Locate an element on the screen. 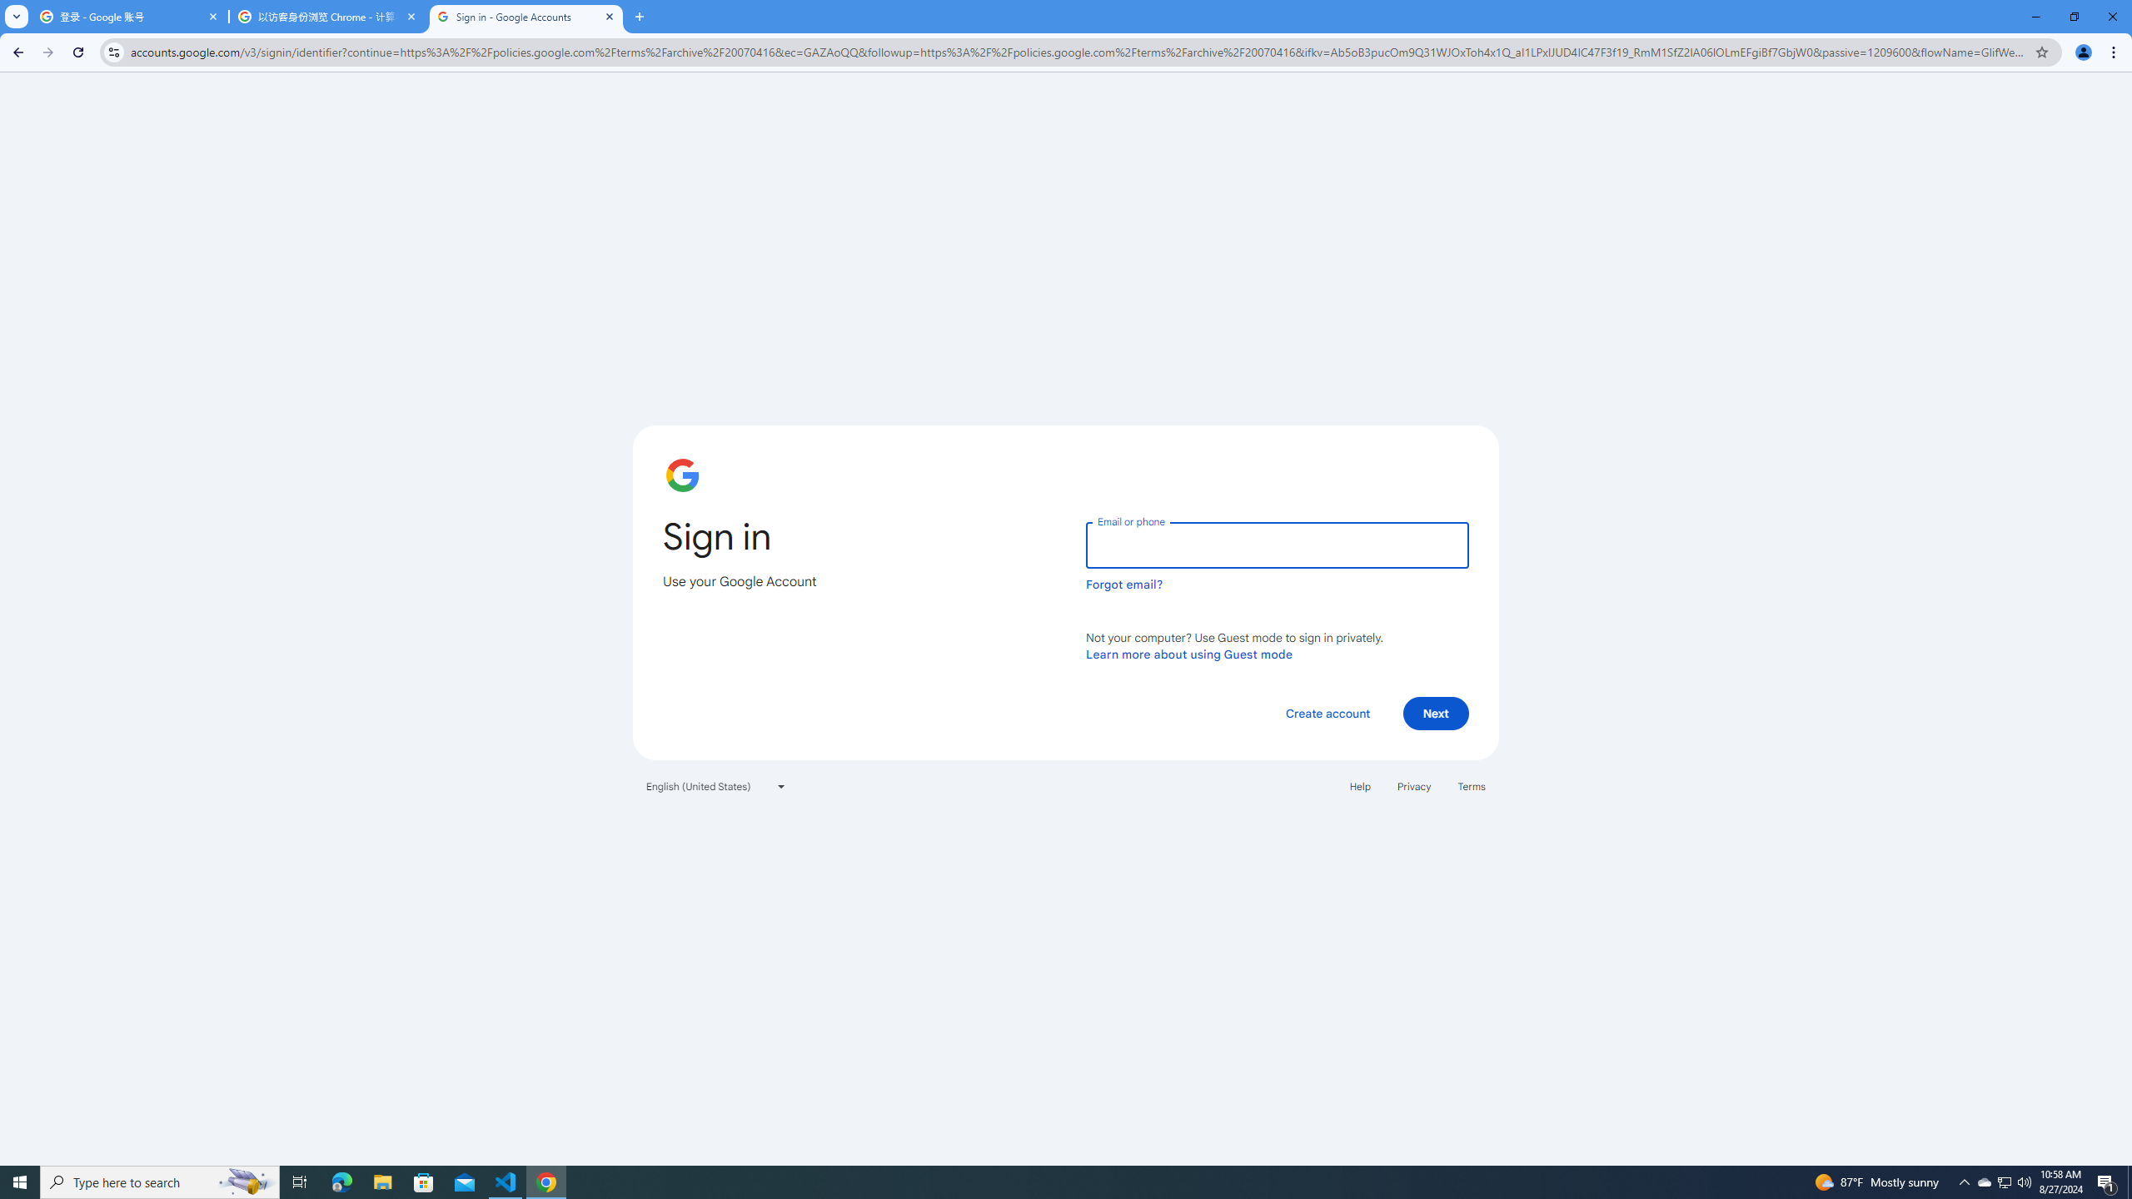 The width and height of the screenshot is (2132, 1199). 'Create account' is located at coordinates (1327, 712).